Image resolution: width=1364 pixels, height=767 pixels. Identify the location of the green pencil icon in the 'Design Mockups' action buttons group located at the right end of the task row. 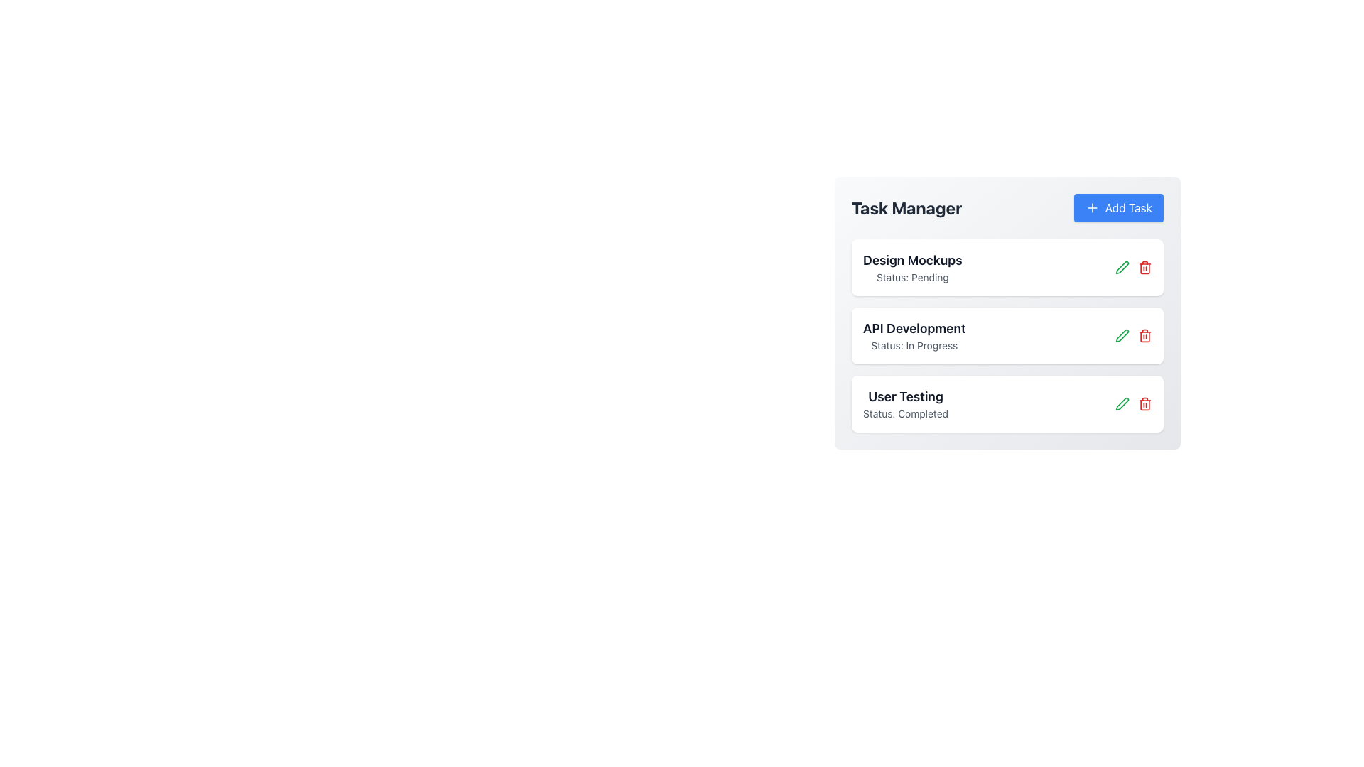
(1133, 268).